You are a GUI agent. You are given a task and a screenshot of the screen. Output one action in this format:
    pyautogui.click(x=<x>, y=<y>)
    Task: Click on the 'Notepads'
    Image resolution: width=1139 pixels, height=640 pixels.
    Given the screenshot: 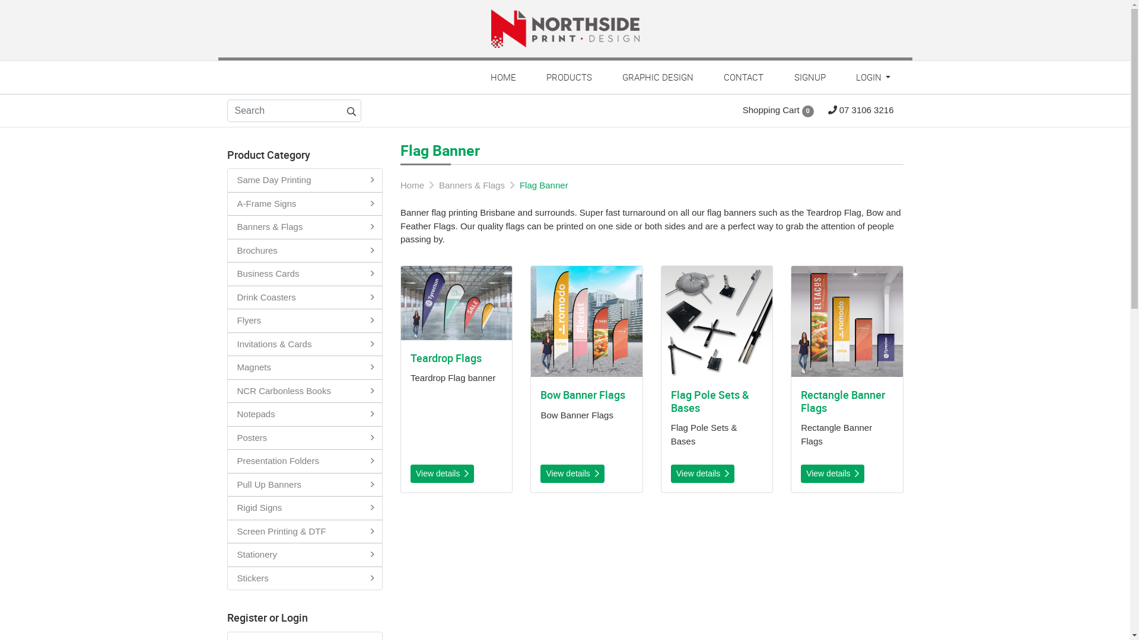 What is the action you would take?
    pyautogui.click(x=305, y=414)
    